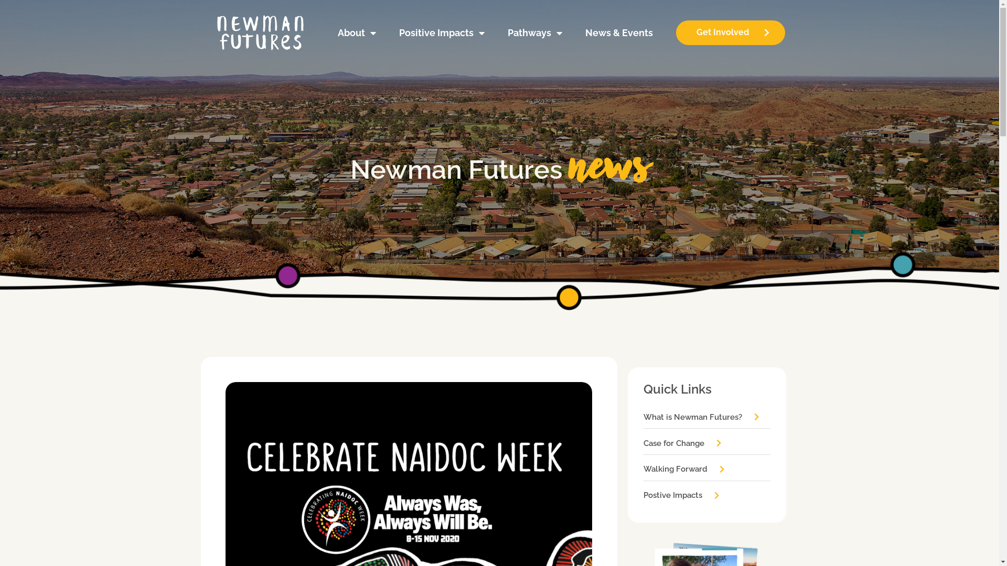  Describe the element at coordinates (498, 32) in the screenshot. I see `'Pathways'` at that location.